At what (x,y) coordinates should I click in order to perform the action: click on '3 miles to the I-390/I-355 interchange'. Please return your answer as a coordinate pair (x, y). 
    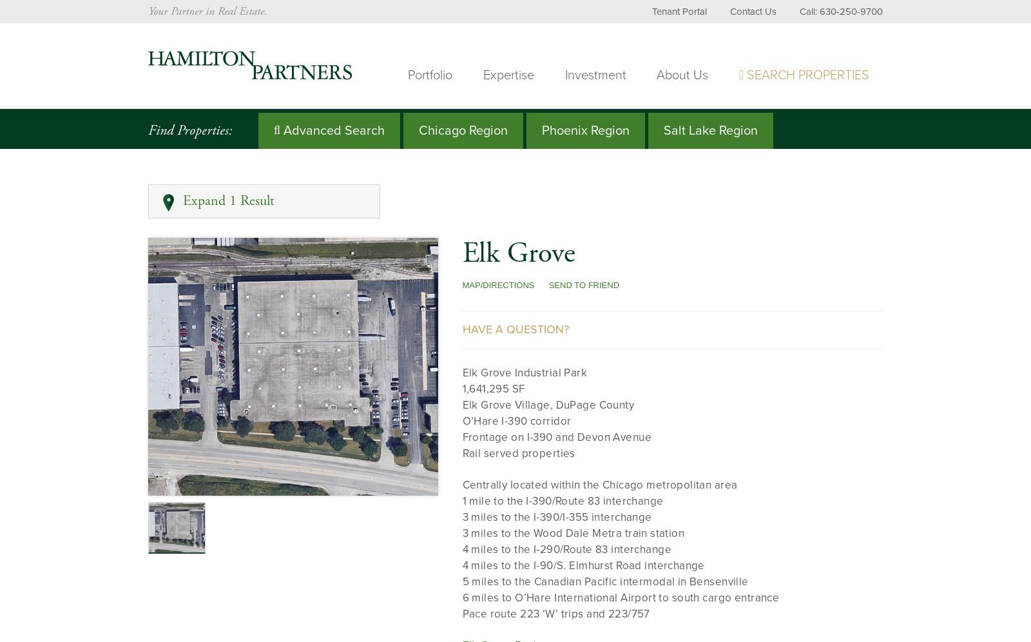
    Looking at the image, I should click on (556, 516).